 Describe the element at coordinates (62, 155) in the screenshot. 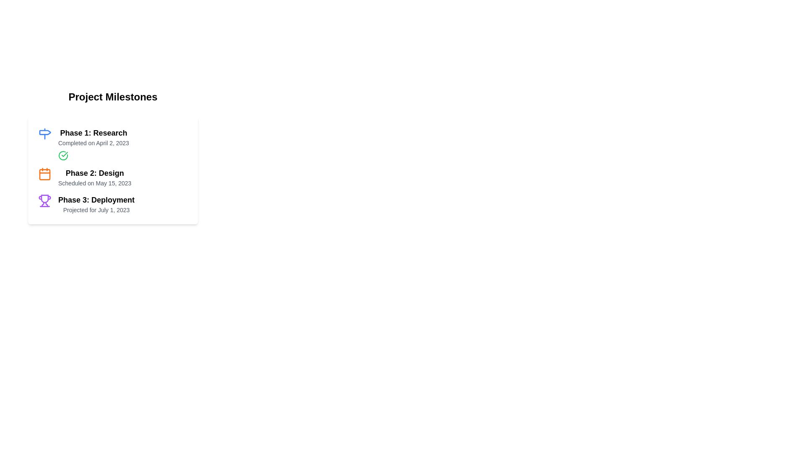

I see `the circular green outlined icon with a check mark, which indicates the 'Completed' status for the 'Phase 1: Research' milestone in the milestone list` at that location.